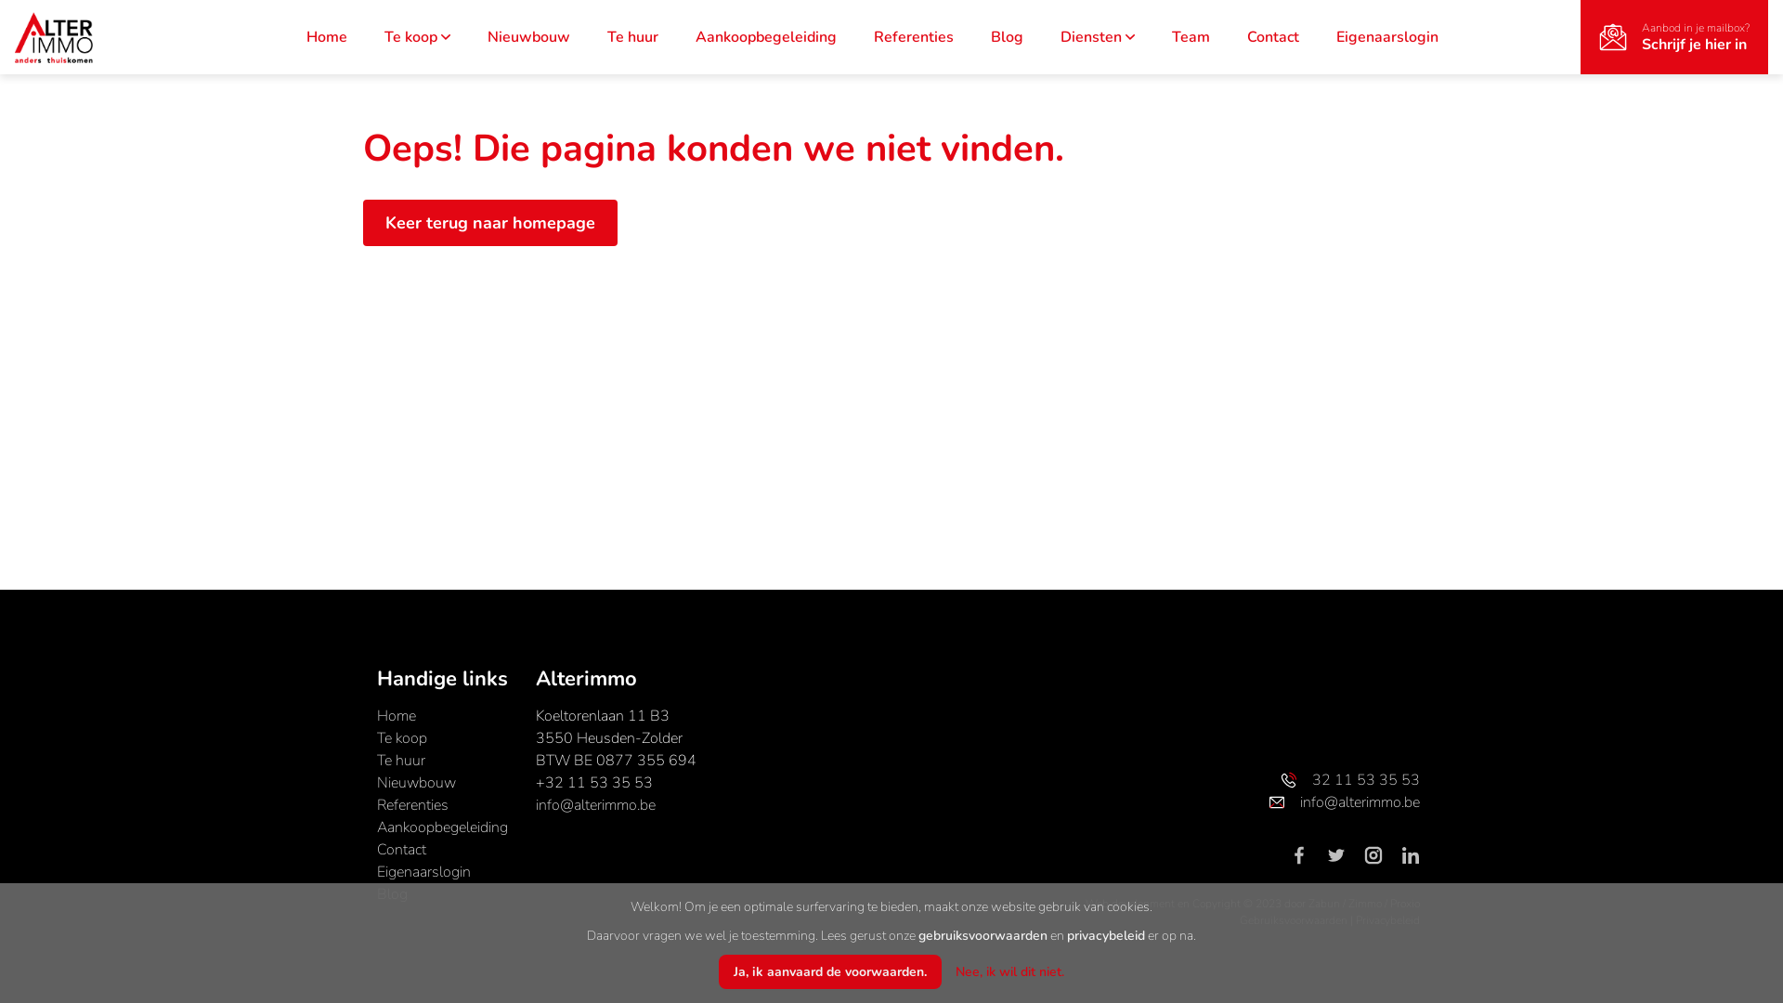 The height and width of the screenshot is (1003, 1783). I want to click on 'Nieuwbouw', so click(376, 783).